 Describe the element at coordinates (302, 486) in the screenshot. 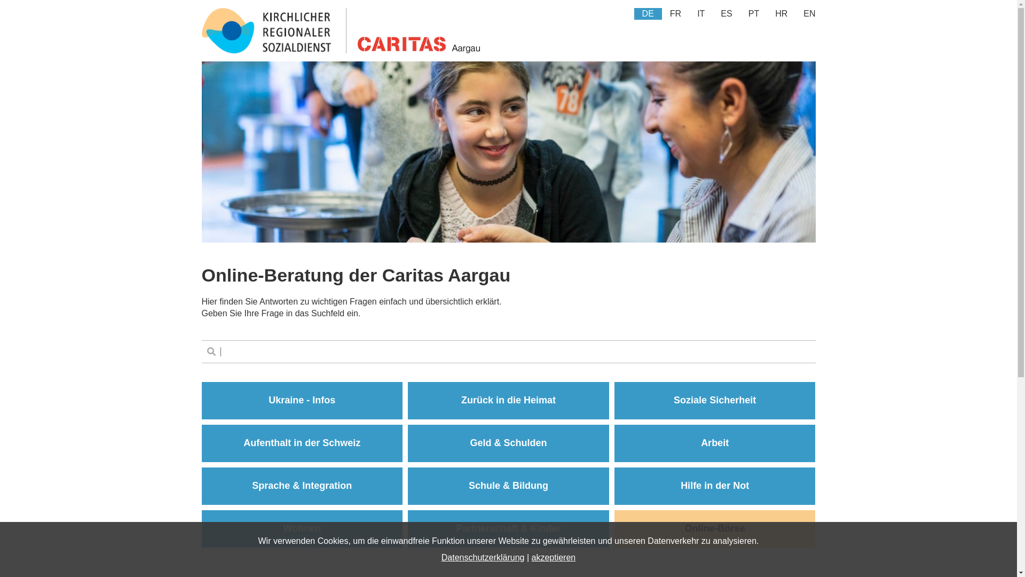

I see `'Sprache & Integration'` at that location.